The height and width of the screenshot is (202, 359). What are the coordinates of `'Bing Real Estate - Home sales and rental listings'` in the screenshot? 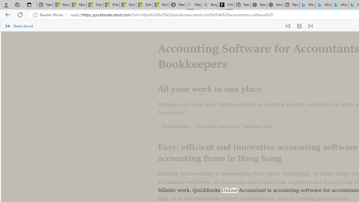 It's located at (210, 5).